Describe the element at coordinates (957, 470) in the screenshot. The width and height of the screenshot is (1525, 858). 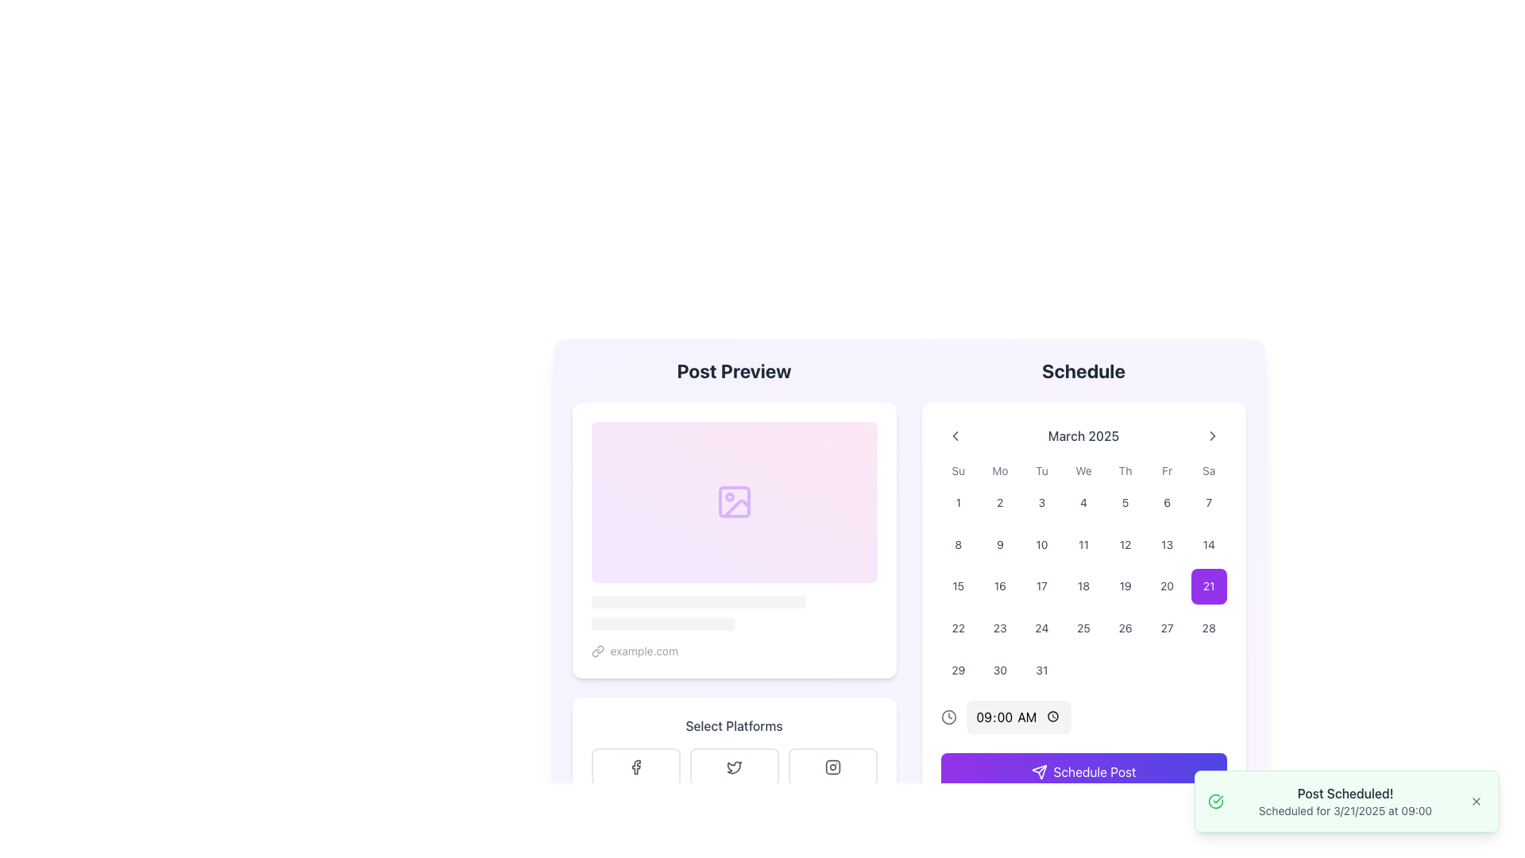
I see `the text label displaying 'Su', which is the first item in a row of days of the week in the calendar layout` at that location.